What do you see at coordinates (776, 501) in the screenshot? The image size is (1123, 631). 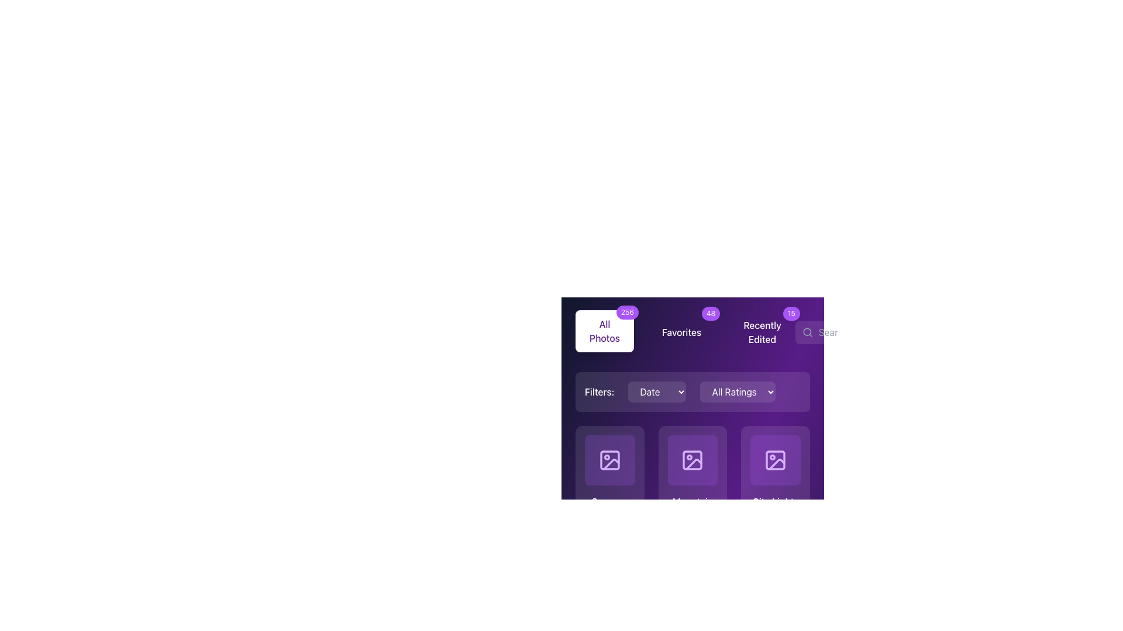 I see `the title text label for the item representing media content, which is located above the date '2023-09-15' and several star icons` at bounding box center [776, 501].